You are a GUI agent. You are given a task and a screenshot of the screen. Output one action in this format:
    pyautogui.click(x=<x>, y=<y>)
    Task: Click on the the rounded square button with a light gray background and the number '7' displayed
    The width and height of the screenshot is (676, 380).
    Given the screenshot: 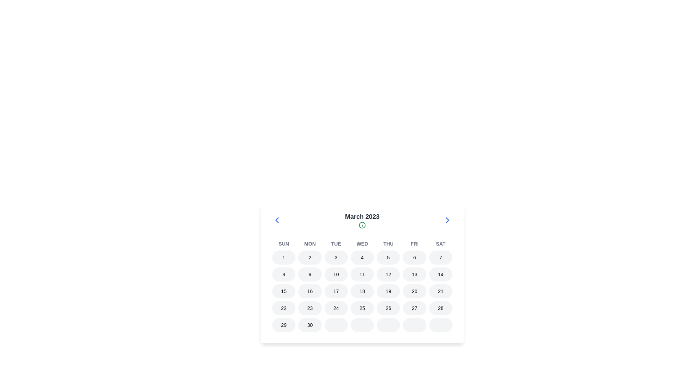 What is the action you would take?
    pyautogui.click(x=440, y=258)
    